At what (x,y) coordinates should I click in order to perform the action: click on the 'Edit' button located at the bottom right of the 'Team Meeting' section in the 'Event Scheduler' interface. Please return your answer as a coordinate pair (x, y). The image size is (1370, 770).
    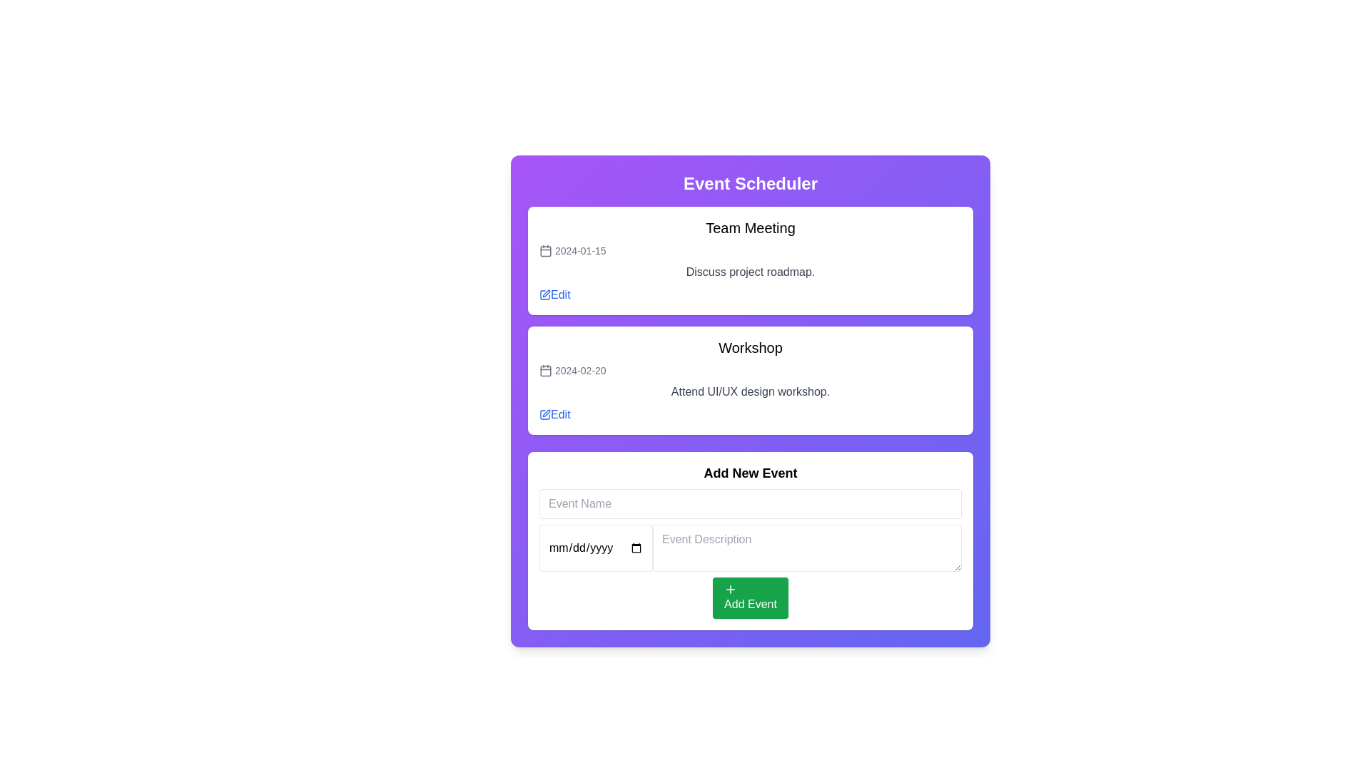
    Looking at the image, I should click on (554, 294).